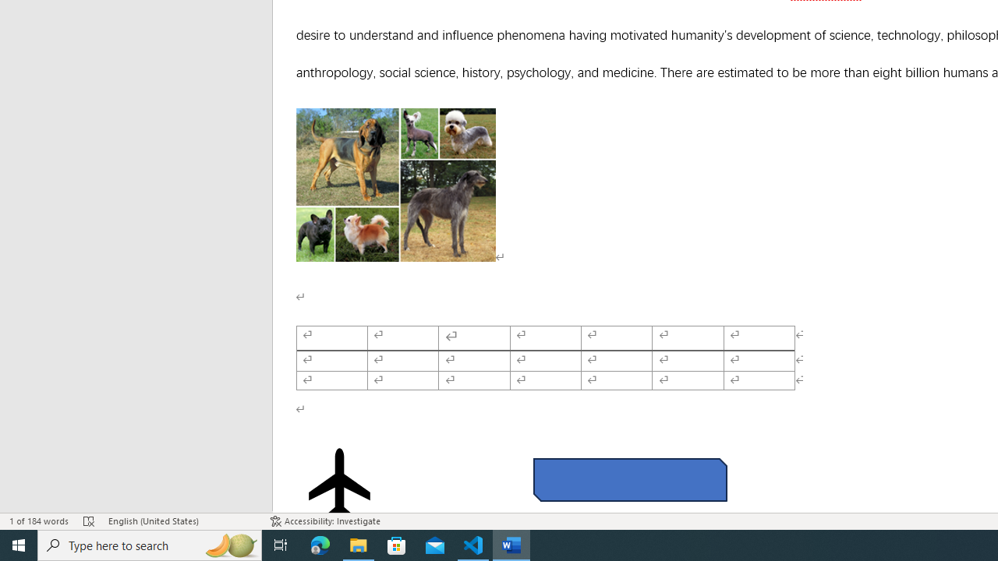 The width and height of the screenshot is (998, 561). What do you see at coordinates (338, 483) in the screenshot?
I see `'Airplane with solid fill'` at bounding box center [338, 483].